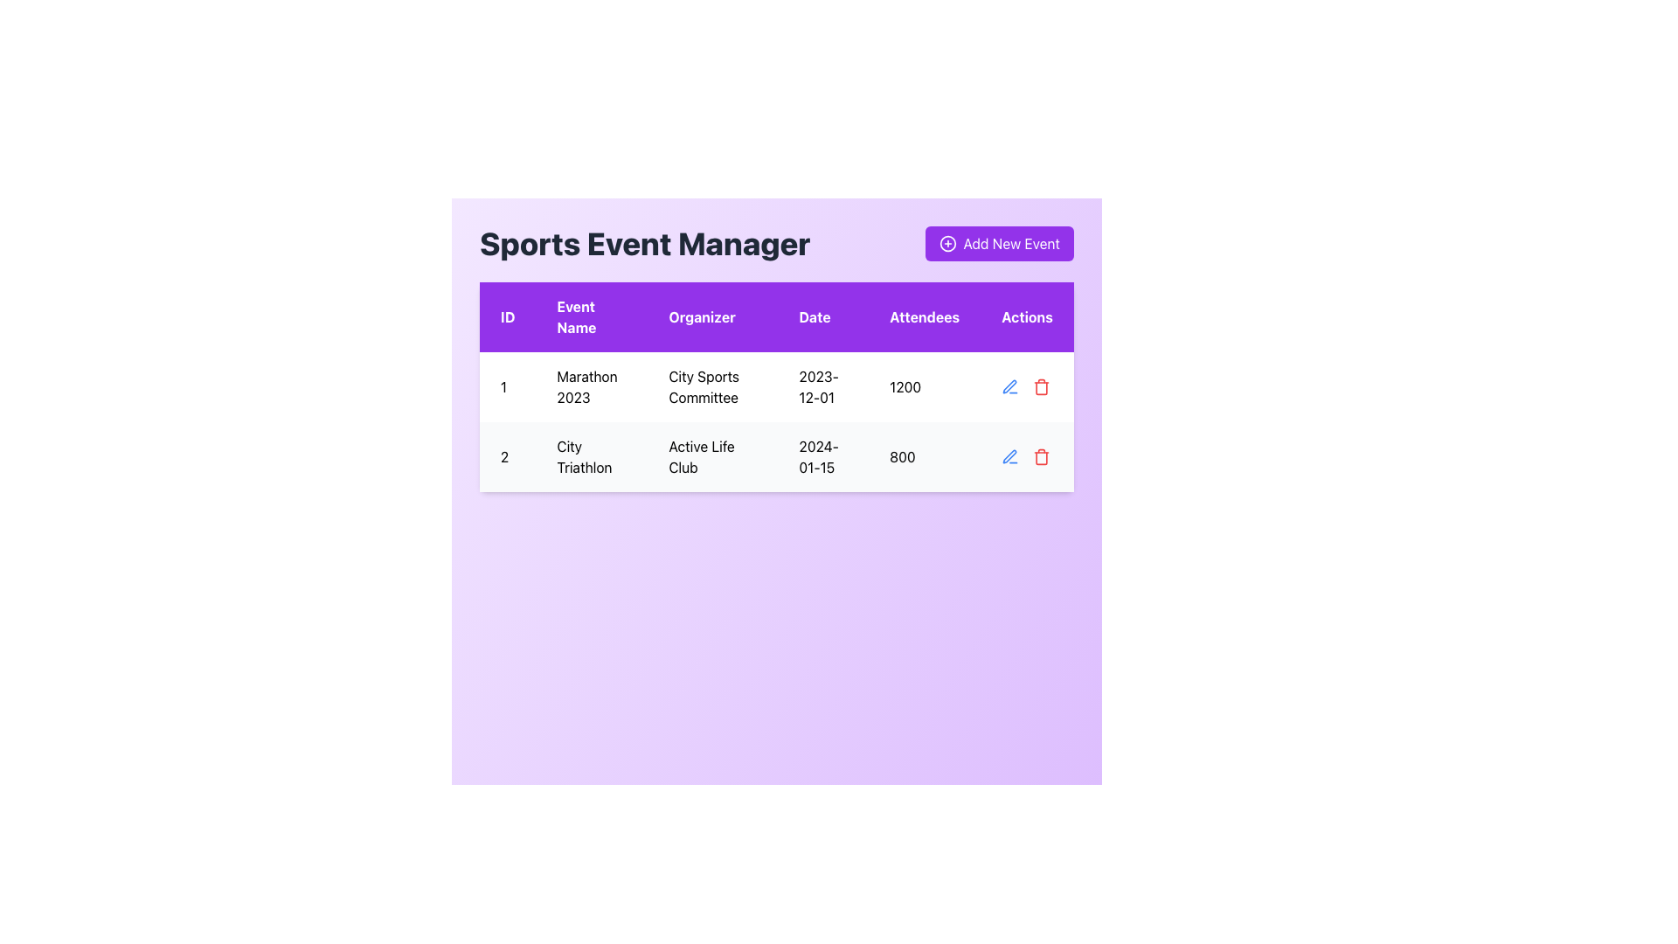  What do you see at coordinates (775, 243) in the screenshot?
I see `the 'Sports Event Manager' title on the header section` at bounding box center [775, 243].